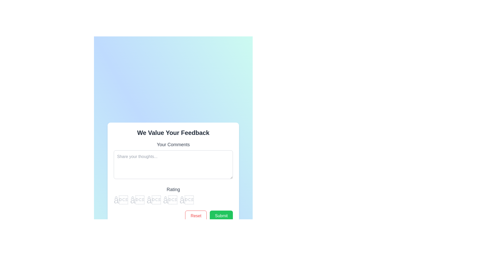  What do you see at coordinates (170, 200) in the screenshot?
I see `the fourth star rating button` at bounding box center [170, 200].